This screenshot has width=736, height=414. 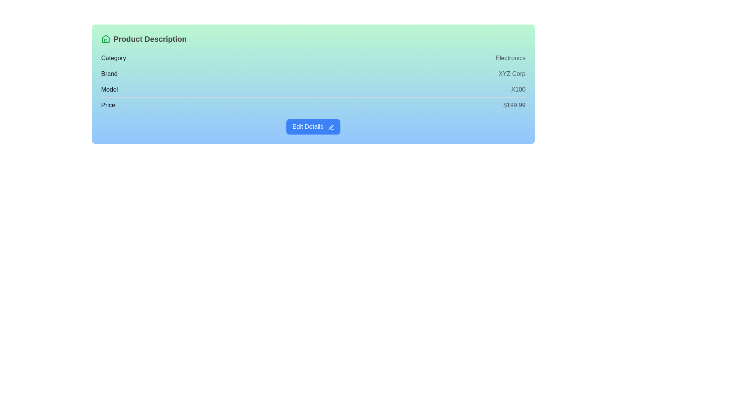 What do you see at coordinates (313, 127) in the screenshot?
I see `the 'Edit Details' button, which is a rectangular button with a blue background and white text, located centrally in the bottom portion of a card element beneath the 'Price' information` at bounding box center [313, 127].